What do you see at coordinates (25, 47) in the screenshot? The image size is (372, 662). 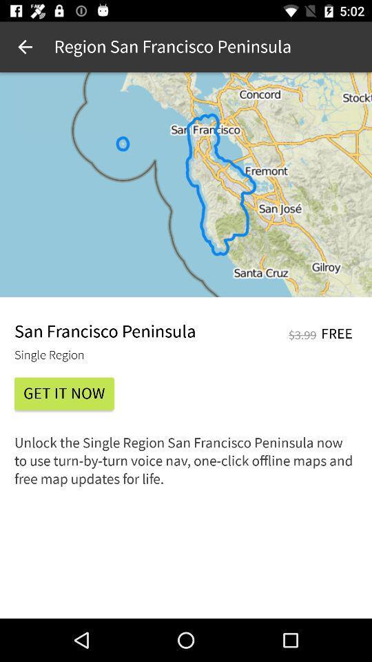 I see `app next to the region san francisco item` at bounding box center [25, 47].